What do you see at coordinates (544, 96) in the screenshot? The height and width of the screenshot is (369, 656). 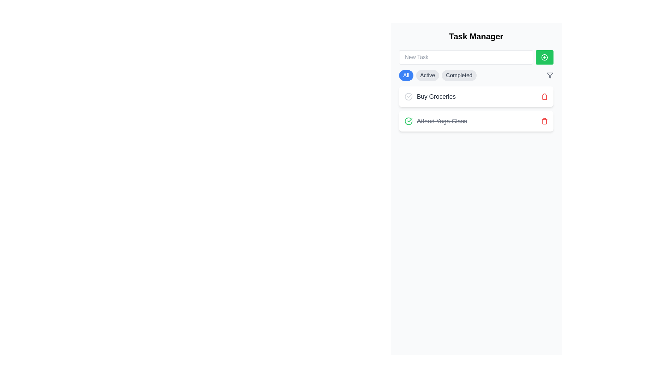 I see `the red-colored trash icon button located on the right side of the 'Buy Groceries' task box` at bounding box center [544, 96].